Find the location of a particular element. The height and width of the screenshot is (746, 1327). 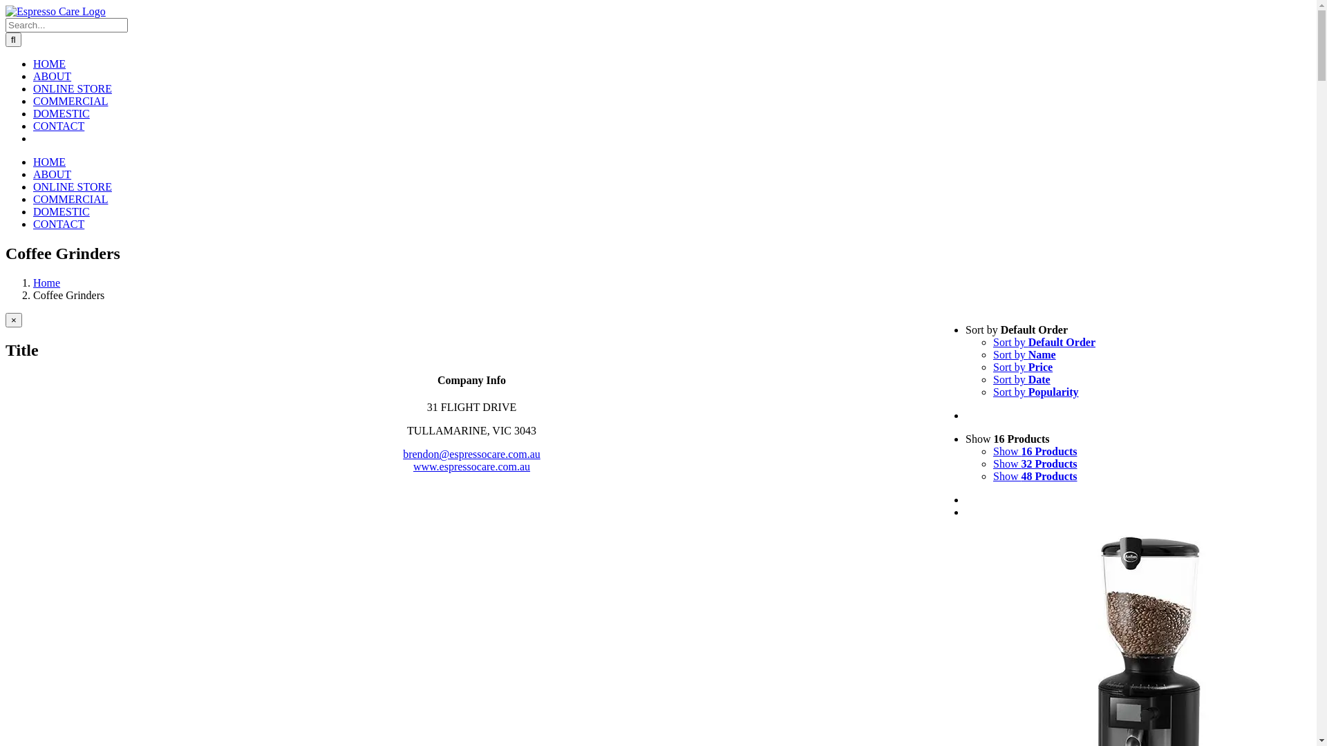

'Sort by Date' is located at coordinates (1022, 379).